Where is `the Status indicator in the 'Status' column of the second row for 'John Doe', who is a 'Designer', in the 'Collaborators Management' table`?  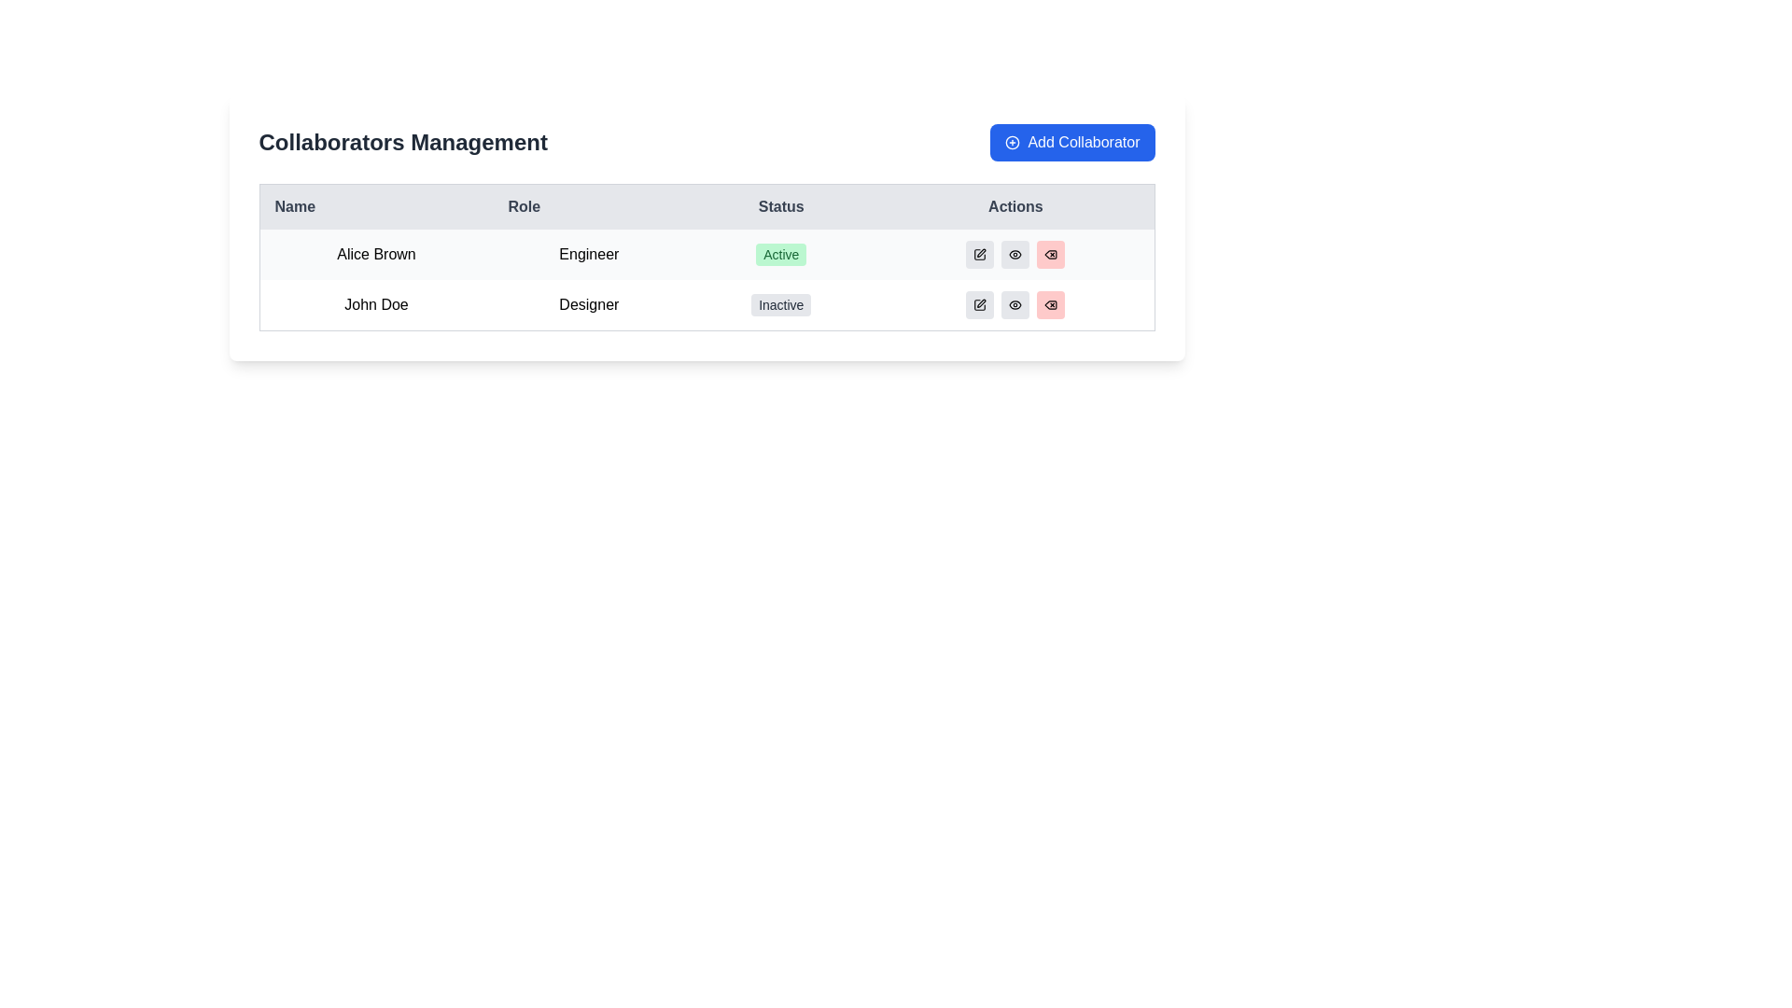
the Status indicator in the 'Status' column of the second row for 'John Doe', who is a 'Designer', in the 'Collaborators Management' table is located at coordinates (781, 304).